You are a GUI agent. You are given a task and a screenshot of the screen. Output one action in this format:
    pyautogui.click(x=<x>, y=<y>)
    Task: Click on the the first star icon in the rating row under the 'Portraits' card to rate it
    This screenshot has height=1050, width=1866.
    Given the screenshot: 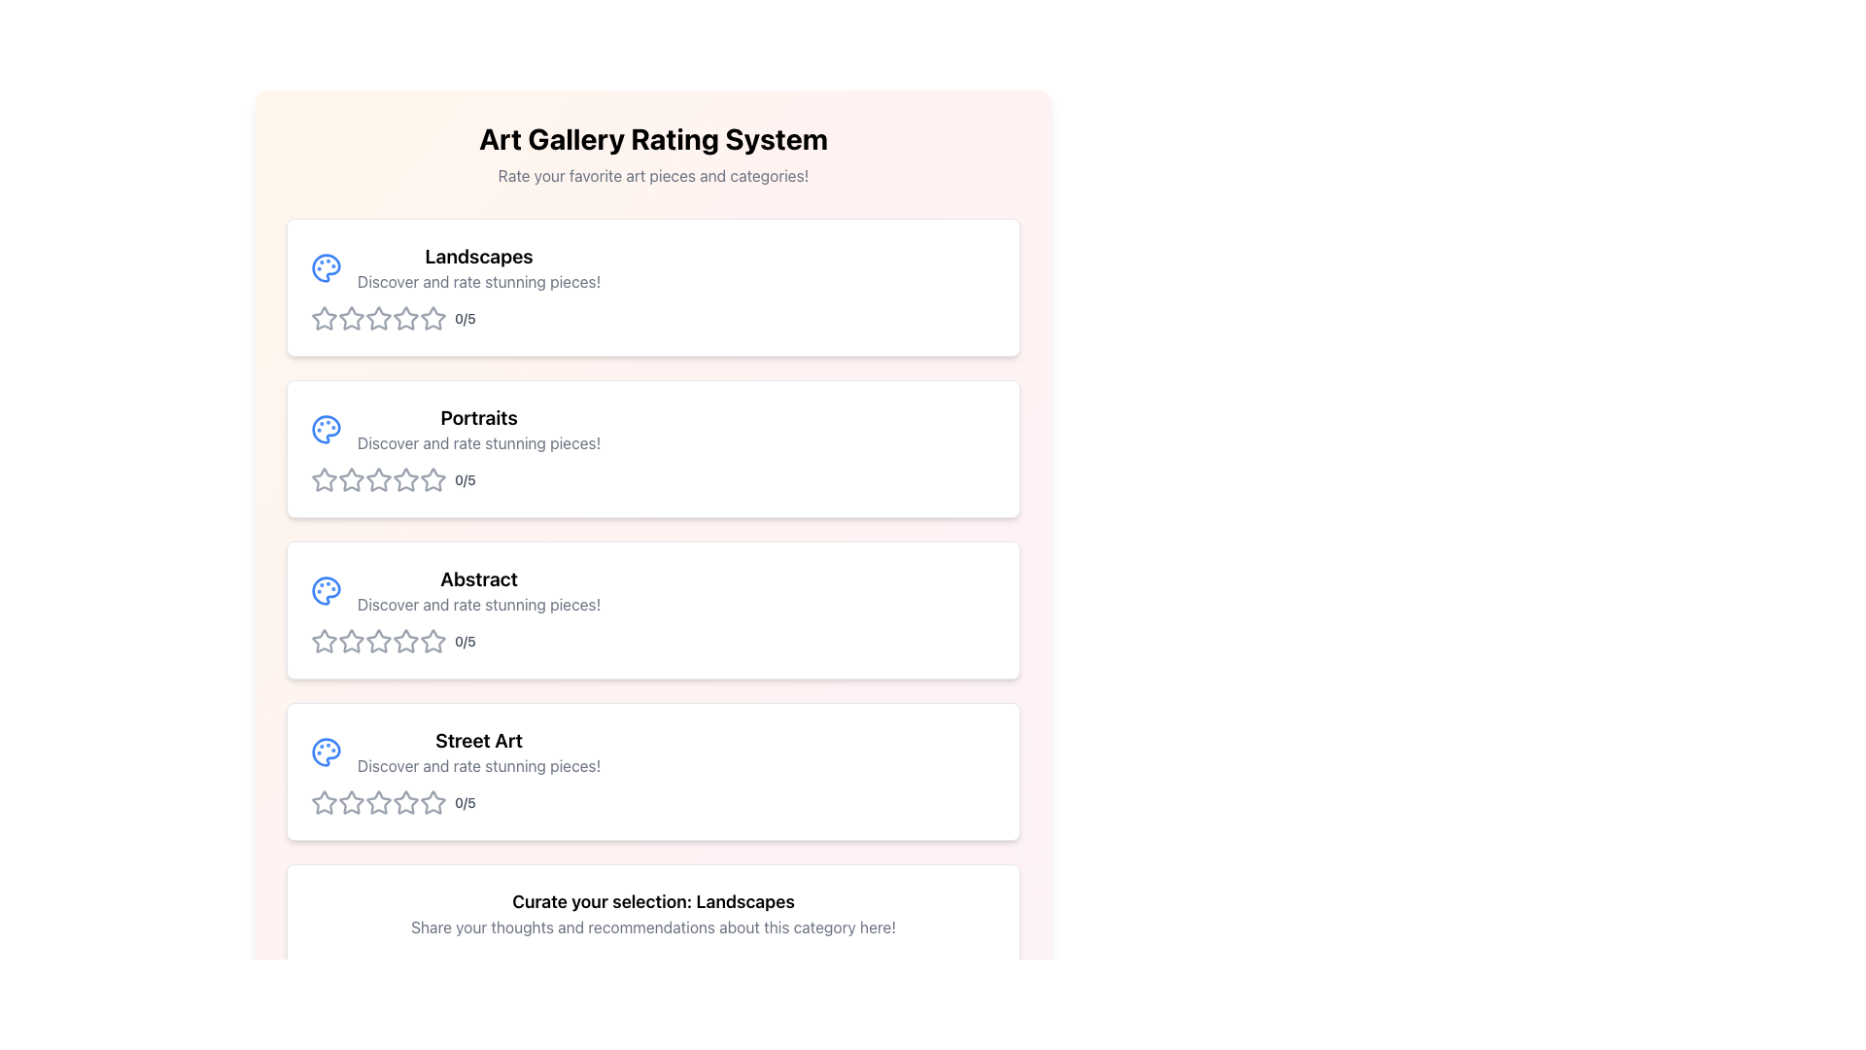 What is the action you would take?
    pyautogui.click(x=325, y=479)
    